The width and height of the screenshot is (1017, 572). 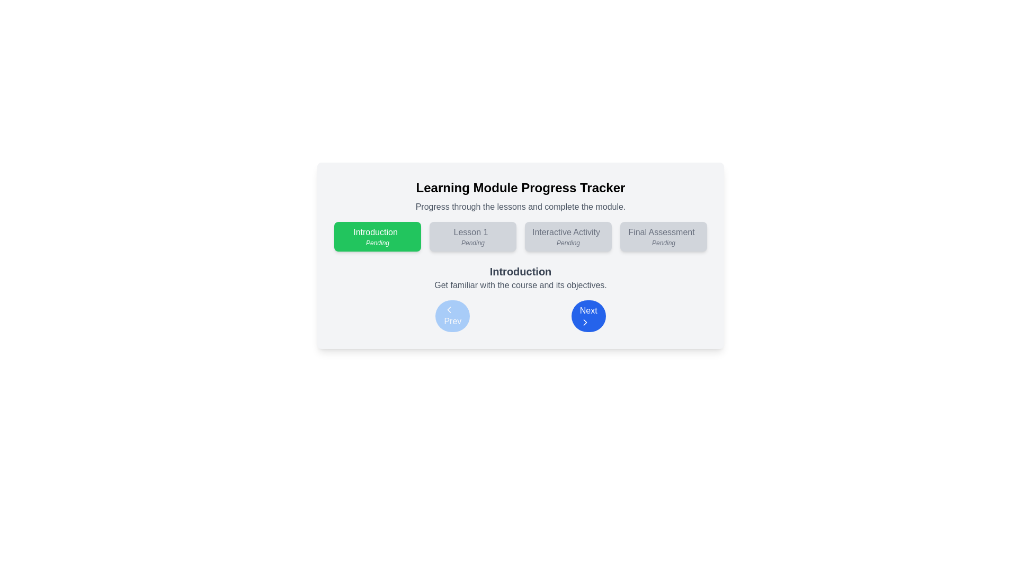 What do you see at coordinates (663, 232) in the screenshot?
I see `the text label that contains the text 'Final Assessment', styled in a plain gray sans-serif font, located within a navigation component on the right side of the horizontal navigation line` at bounding box center [663, 232].